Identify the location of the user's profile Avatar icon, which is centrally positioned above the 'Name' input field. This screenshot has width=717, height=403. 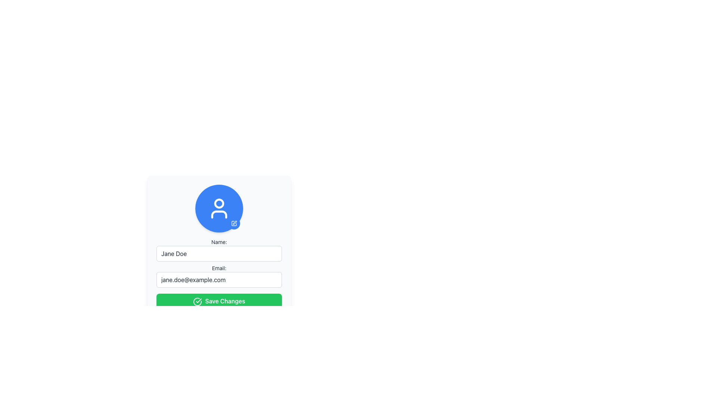
(218, 209).